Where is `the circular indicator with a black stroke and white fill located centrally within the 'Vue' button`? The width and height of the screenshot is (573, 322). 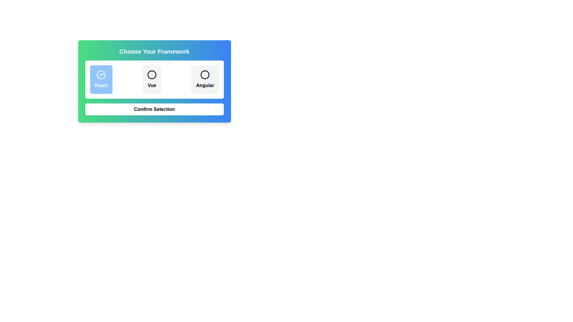
the circular indicator with a black stroke and white fill located centrally within the 'Vue' button is located at coordinates (152, 74).